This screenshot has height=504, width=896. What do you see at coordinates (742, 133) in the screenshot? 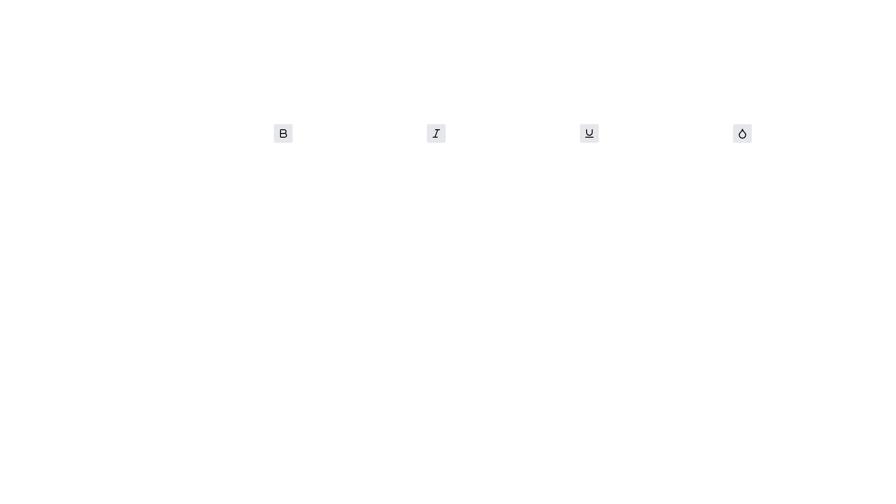
I see `the droplet-shaped icon with a black outline, located to the far right of the button array, slightly right of the underlined 'U' icon` at bounding box center [742, 133].